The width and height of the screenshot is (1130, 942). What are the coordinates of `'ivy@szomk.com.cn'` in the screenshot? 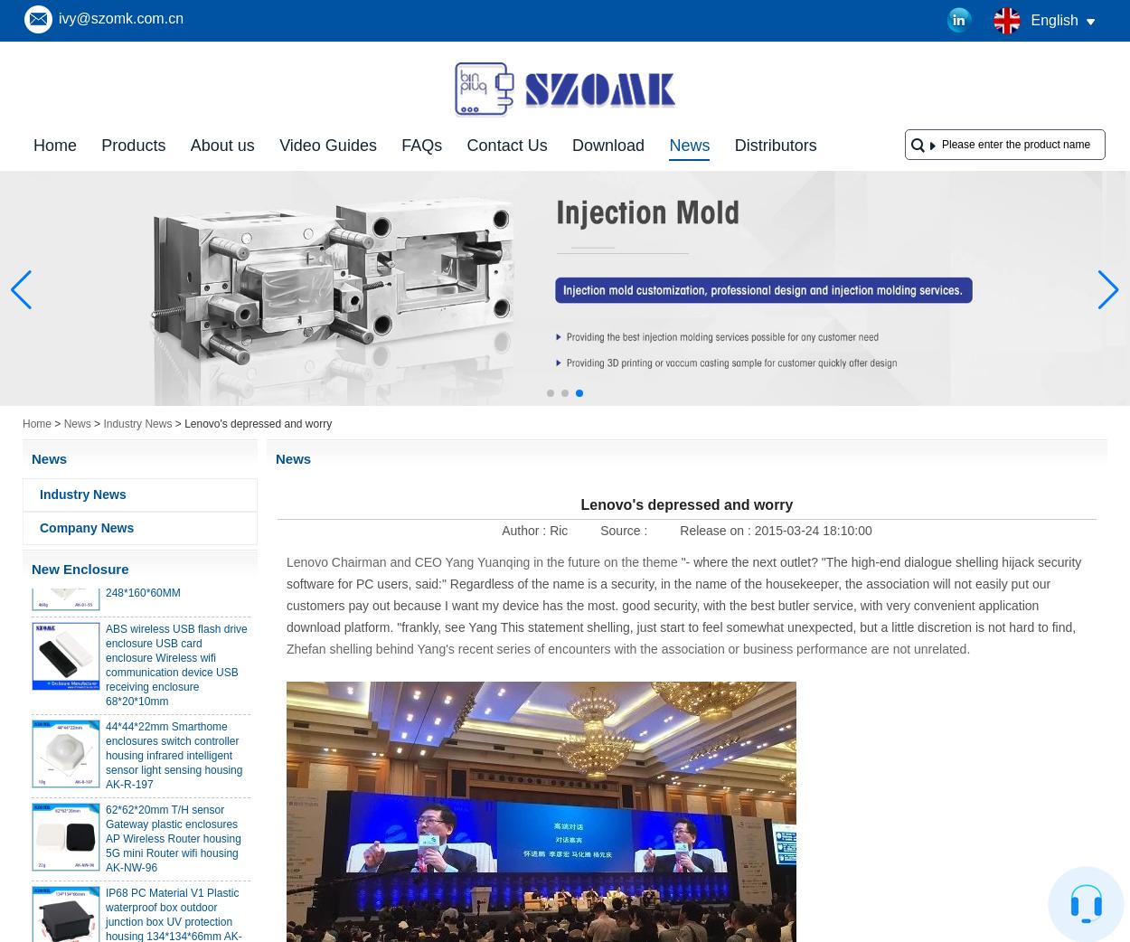 It's located at (121, 17).